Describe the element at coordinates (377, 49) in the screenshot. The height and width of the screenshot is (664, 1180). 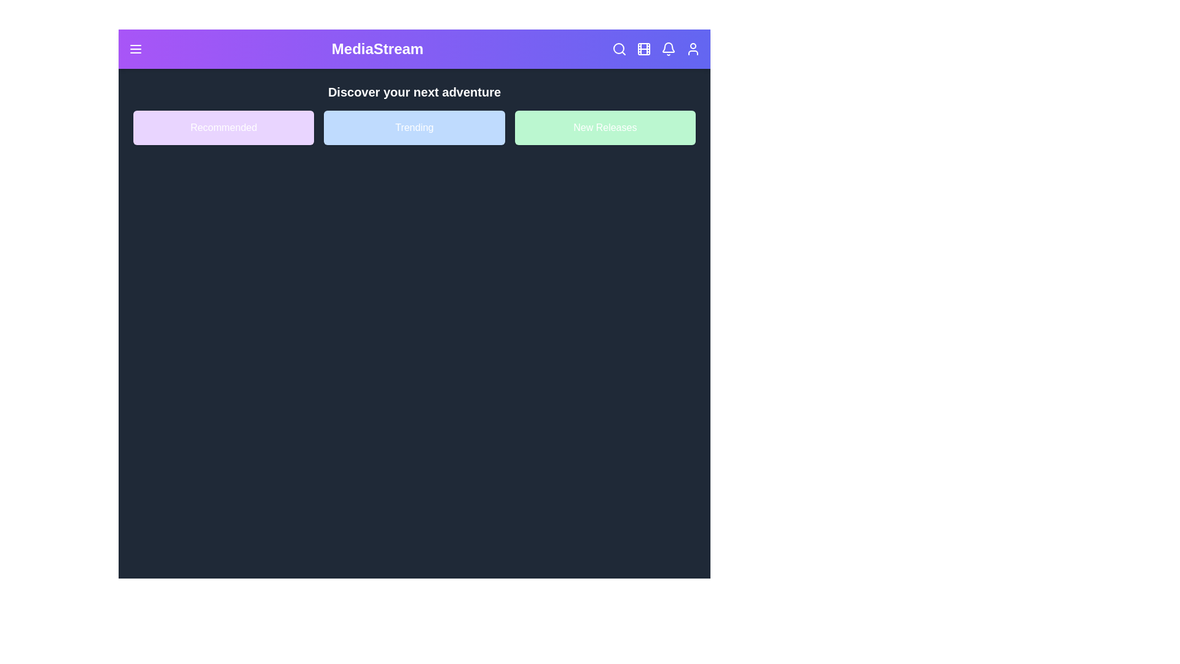
I see `the header title 'MediaStream'` at that location.